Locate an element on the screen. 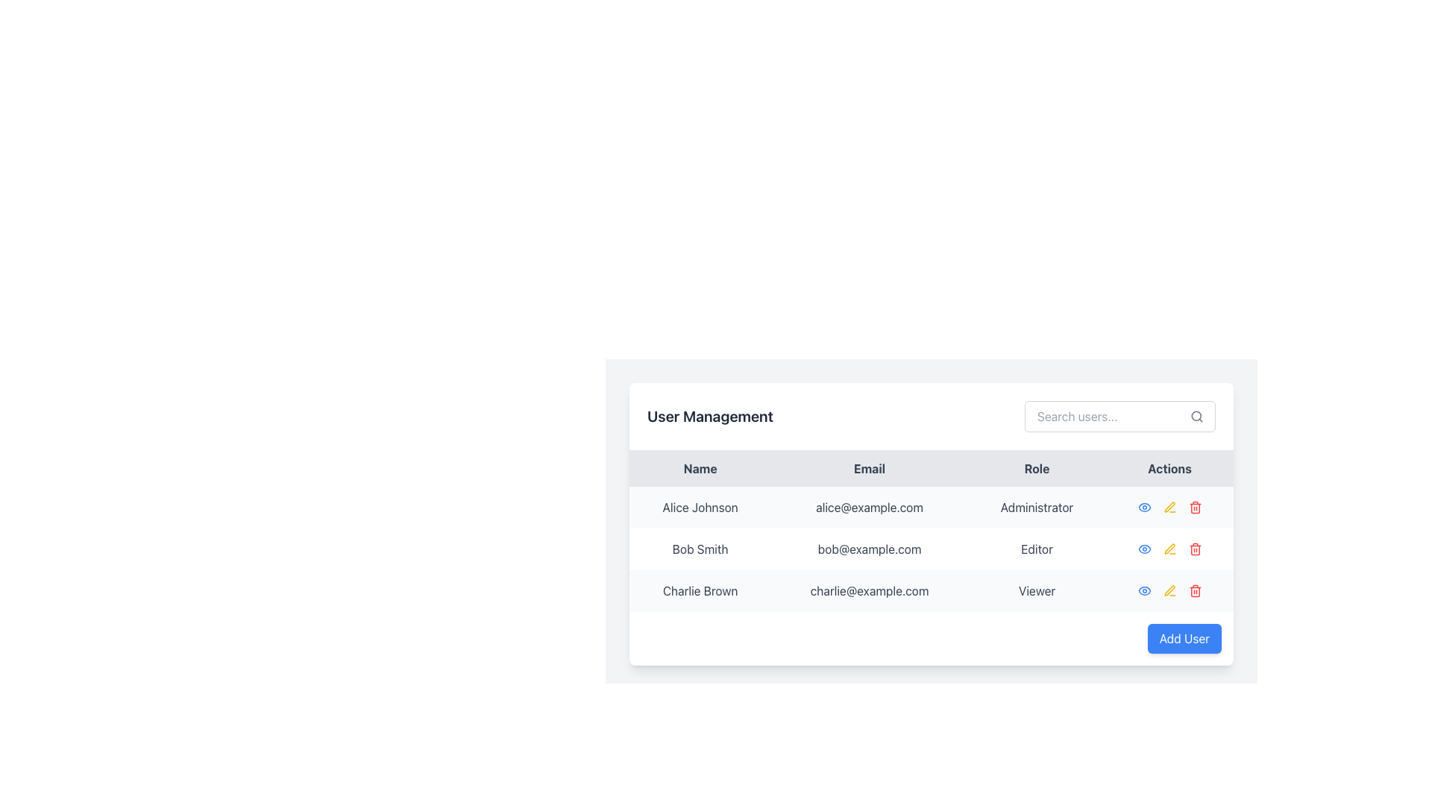 This screenshot has height=805, width=1432. name, email, and role information from the third row of the user management table, which contains the details for 'Charlie Brown' is located at coordinates (930, 590).